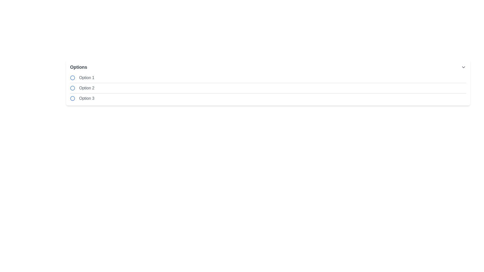 This screenshot has width=484, height=272. I want to click on the circular radio button with a blue border, located to the left of the text 'Option 1', so click(72, 78).